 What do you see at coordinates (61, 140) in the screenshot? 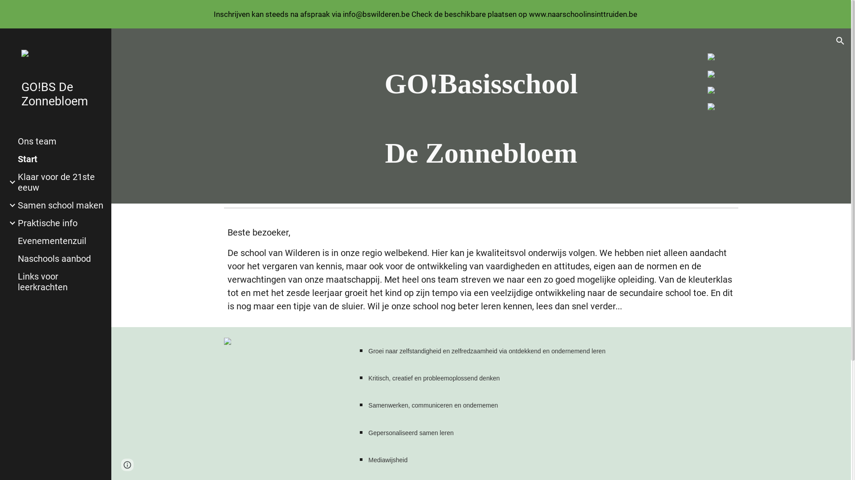
I see `'Ons team'` at bounding box center [61, 140].